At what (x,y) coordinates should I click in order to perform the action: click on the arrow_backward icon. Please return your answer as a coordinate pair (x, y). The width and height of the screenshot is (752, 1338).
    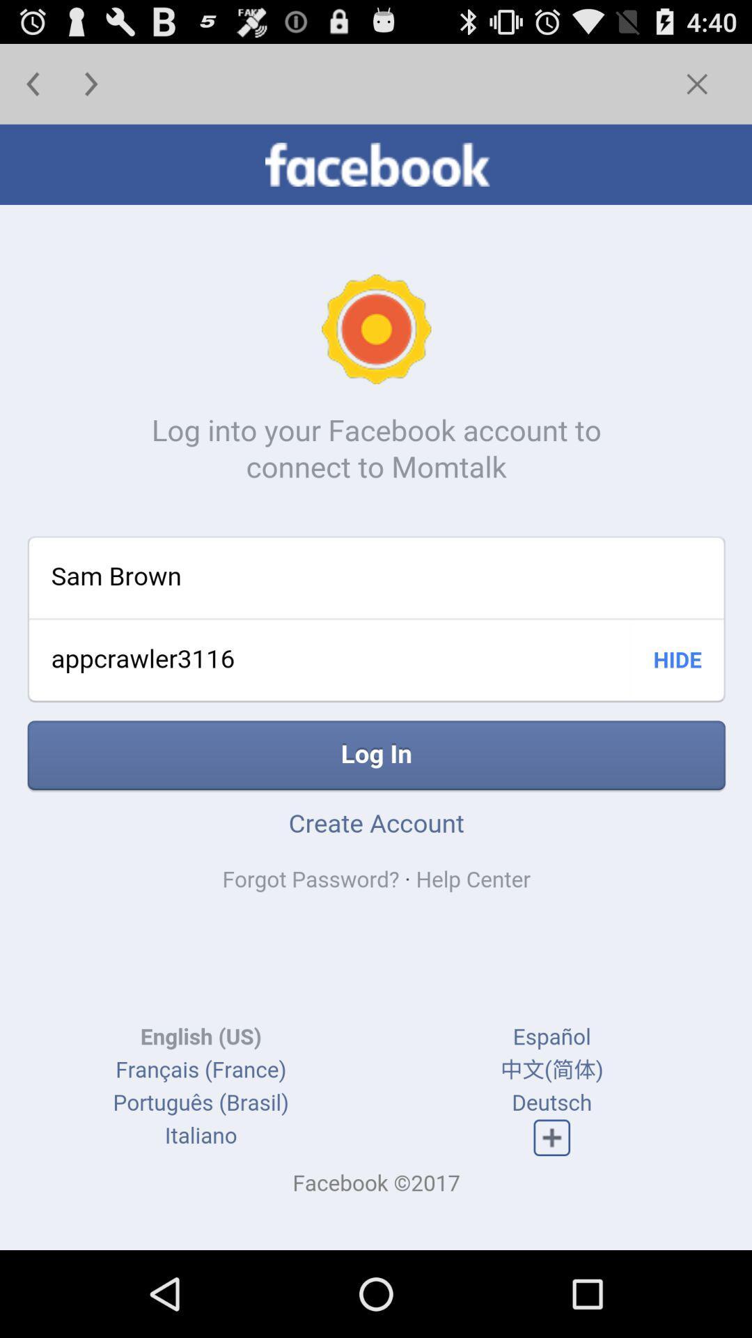
    Looking at the image, I should click on (32, 89).